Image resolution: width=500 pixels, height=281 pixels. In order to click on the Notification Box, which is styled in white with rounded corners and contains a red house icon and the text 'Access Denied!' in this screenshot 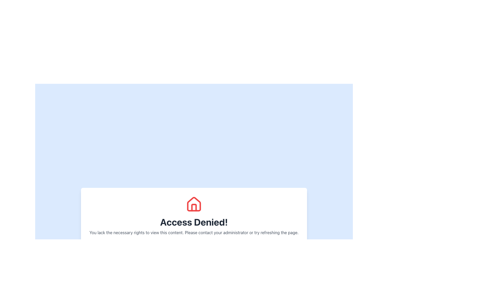, I will do `click(193, 224)`.